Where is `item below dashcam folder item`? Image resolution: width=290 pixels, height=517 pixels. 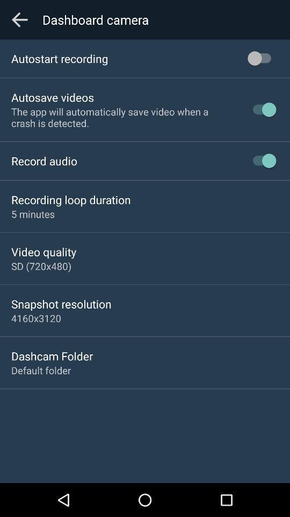
item below dashcam folder item is located at coordinates (40, 370).